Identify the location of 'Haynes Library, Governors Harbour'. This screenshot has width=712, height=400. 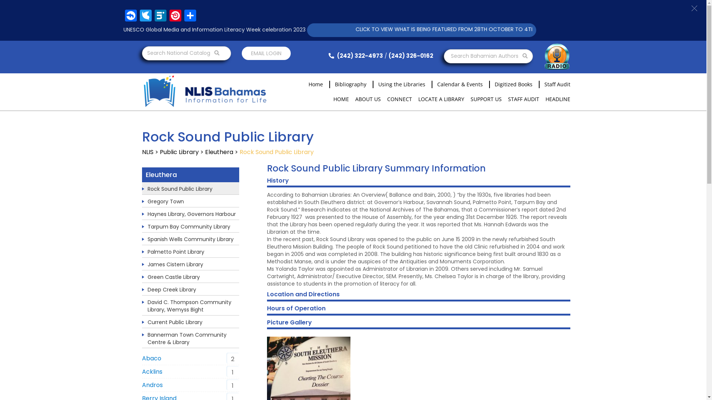
(192, 214).